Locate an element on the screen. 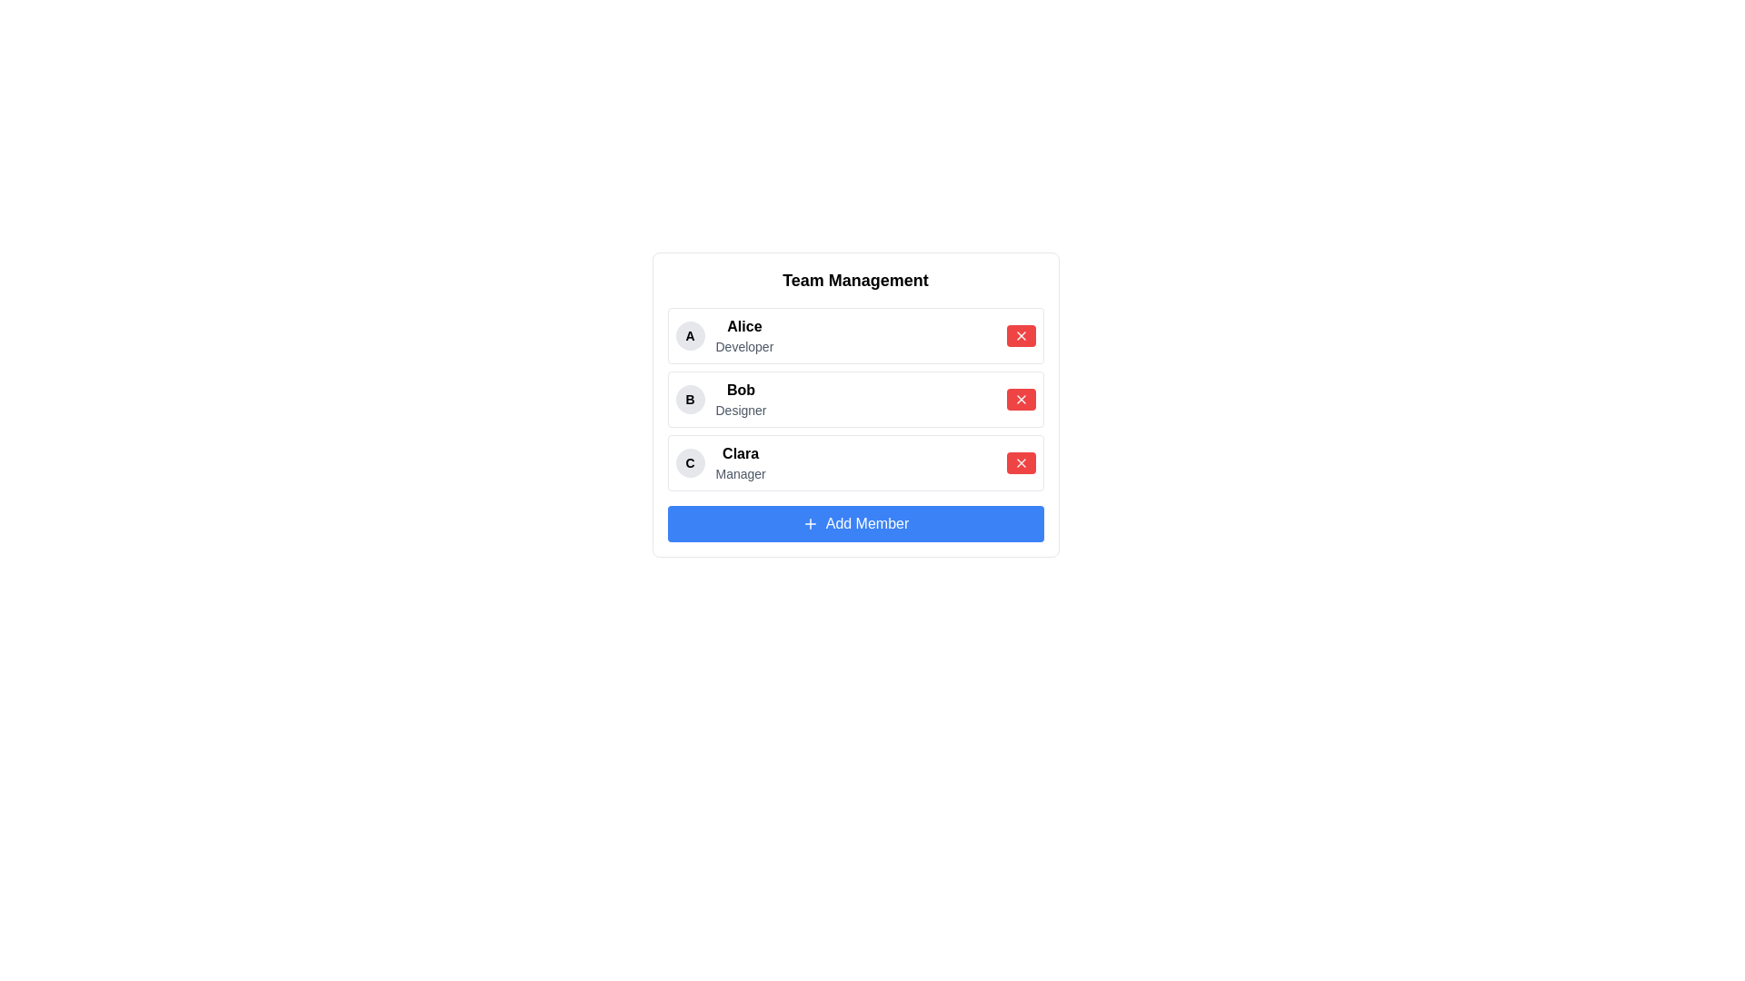 This screenshot has width=1745, height=981. the second red 'X' button is located at coordinates (1021, 398).